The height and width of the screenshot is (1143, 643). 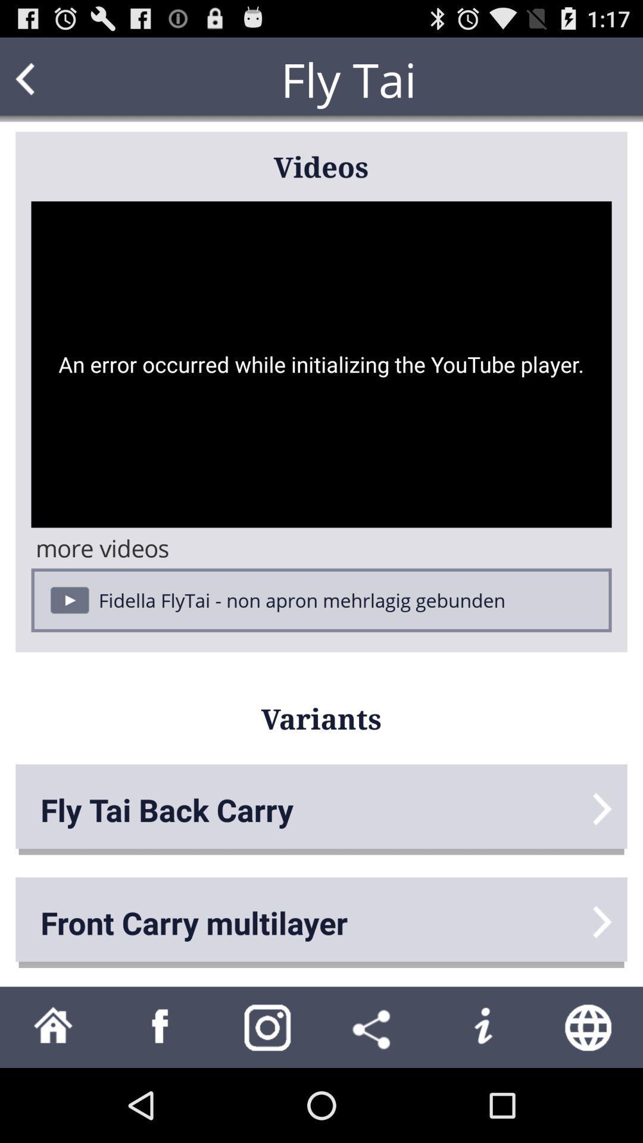 I want to click on share on instagram, so click(x=268, y=1026).